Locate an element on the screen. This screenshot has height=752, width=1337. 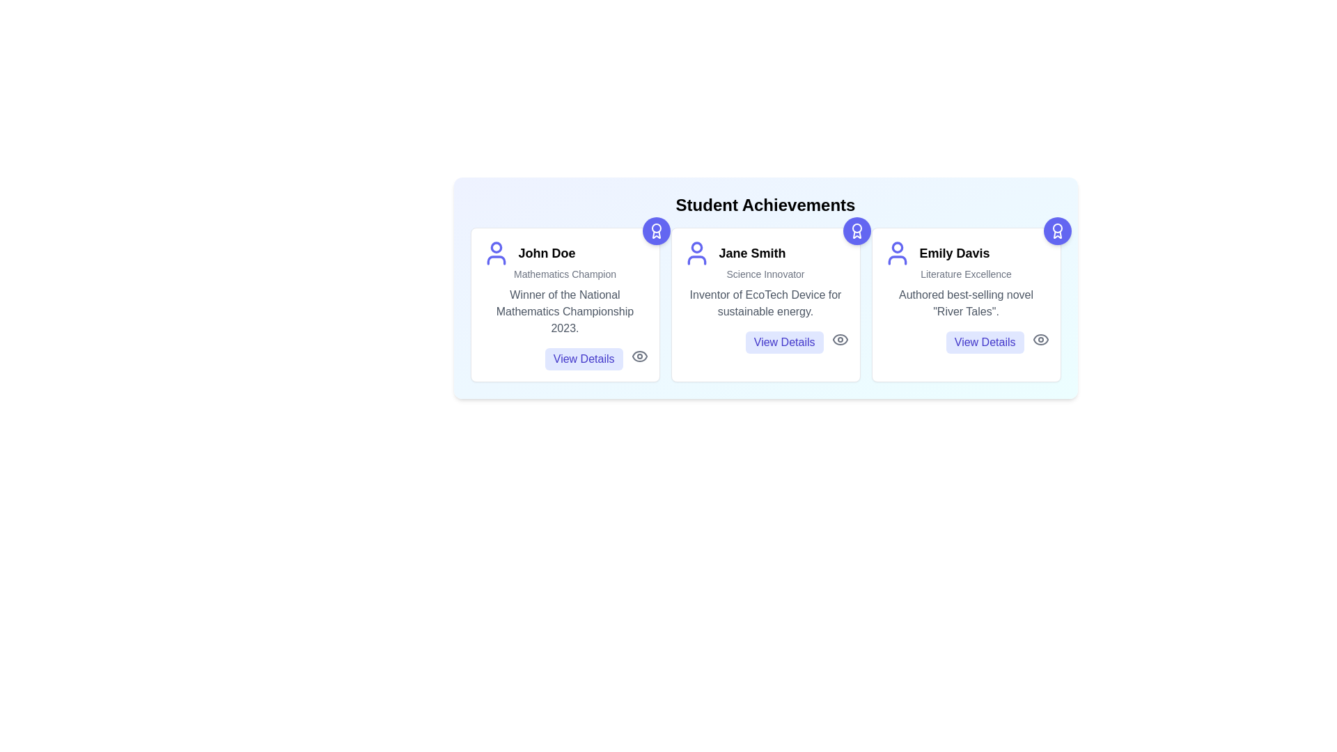
the text of the achievement description for Emily Davis is located at coordinates (965, 302).